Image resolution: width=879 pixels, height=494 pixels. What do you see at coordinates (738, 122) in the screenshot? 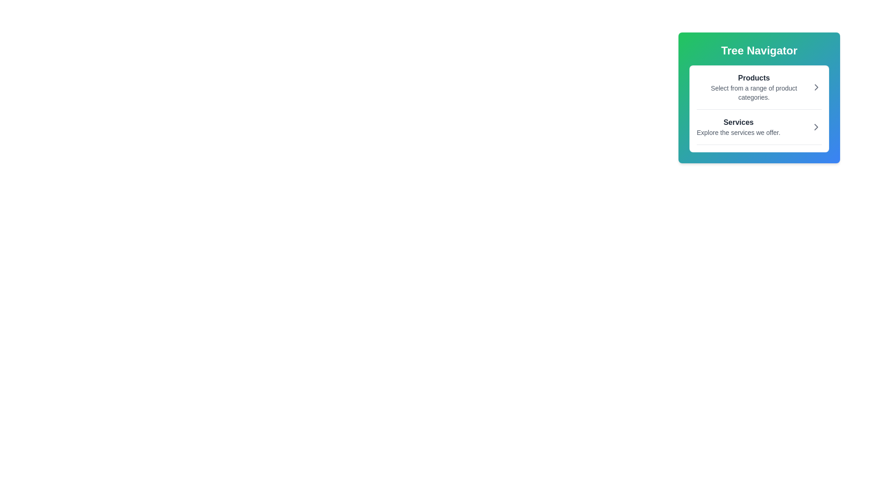
I see `the bold text displaying 'Services' in dark gray, located near the top of the 'Tree Navigator' interface, right under the 'Products' section` at bounding box center [738, 122].